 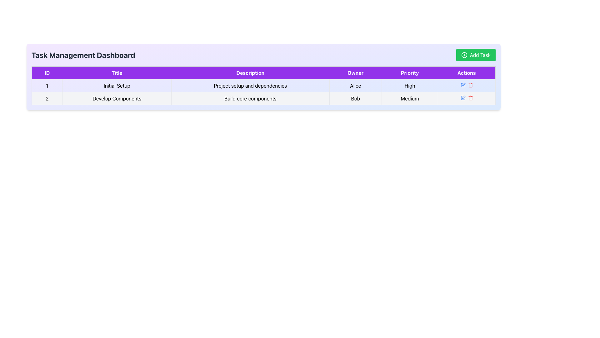 What do you see at coordinates (463, 85) in the screenshot?
I see `the editing icon represented as a vector graphic, located in the 'Actions' column of the second row of the table` at bounding box center [463, 85].